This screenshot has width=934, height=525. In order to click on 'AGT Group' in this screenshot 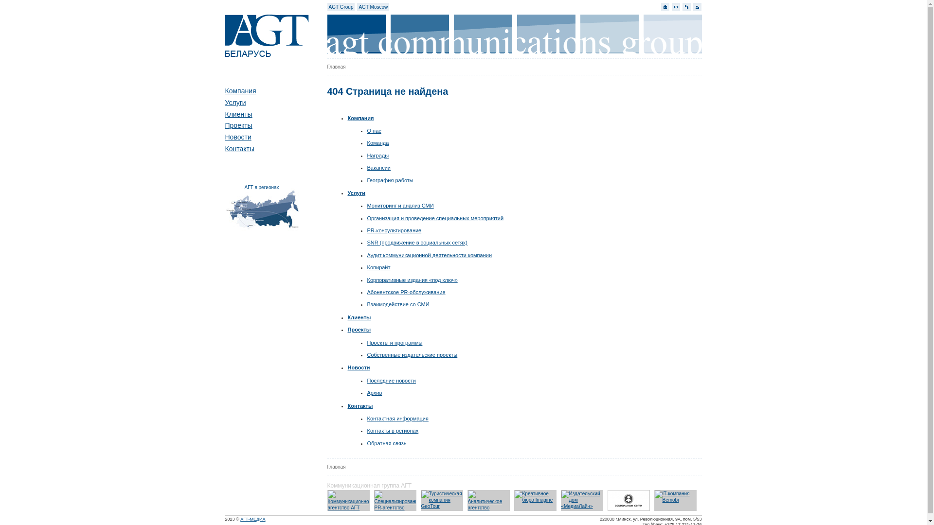, I will do `click(341, 7)`.